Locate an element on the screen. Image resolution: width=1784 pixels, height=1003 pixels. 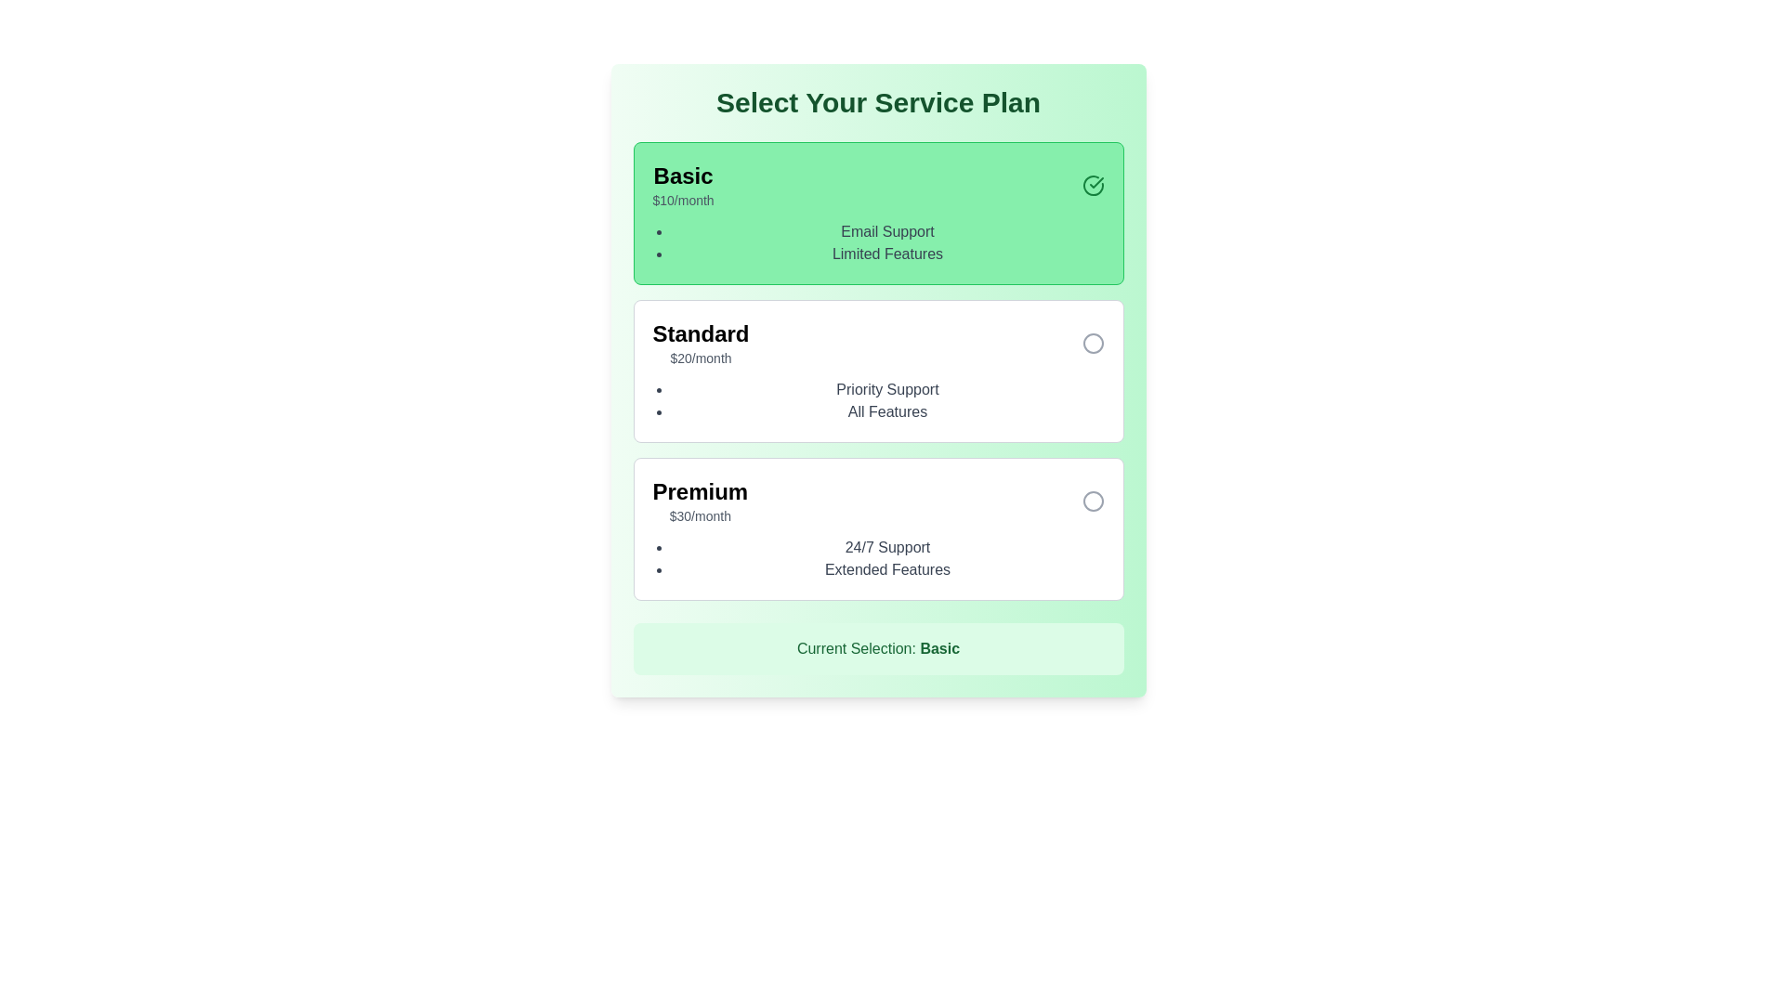
the static text element displaying 'All Features', which is styled in a standard sans-serif typeface and is part of a bulleted list under the 'Standard' service plan section, positioned below 'Priority Support' is located at coordinates (886, 410).